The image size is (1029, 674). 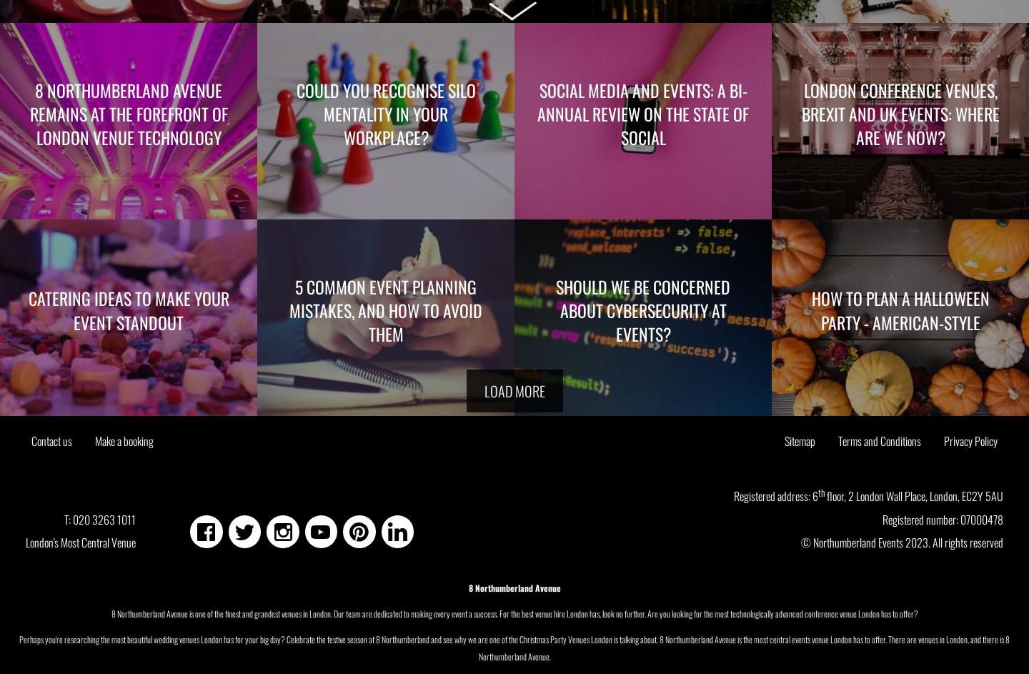 I want to click on 'Make a booking', so click(x=123, y=440).